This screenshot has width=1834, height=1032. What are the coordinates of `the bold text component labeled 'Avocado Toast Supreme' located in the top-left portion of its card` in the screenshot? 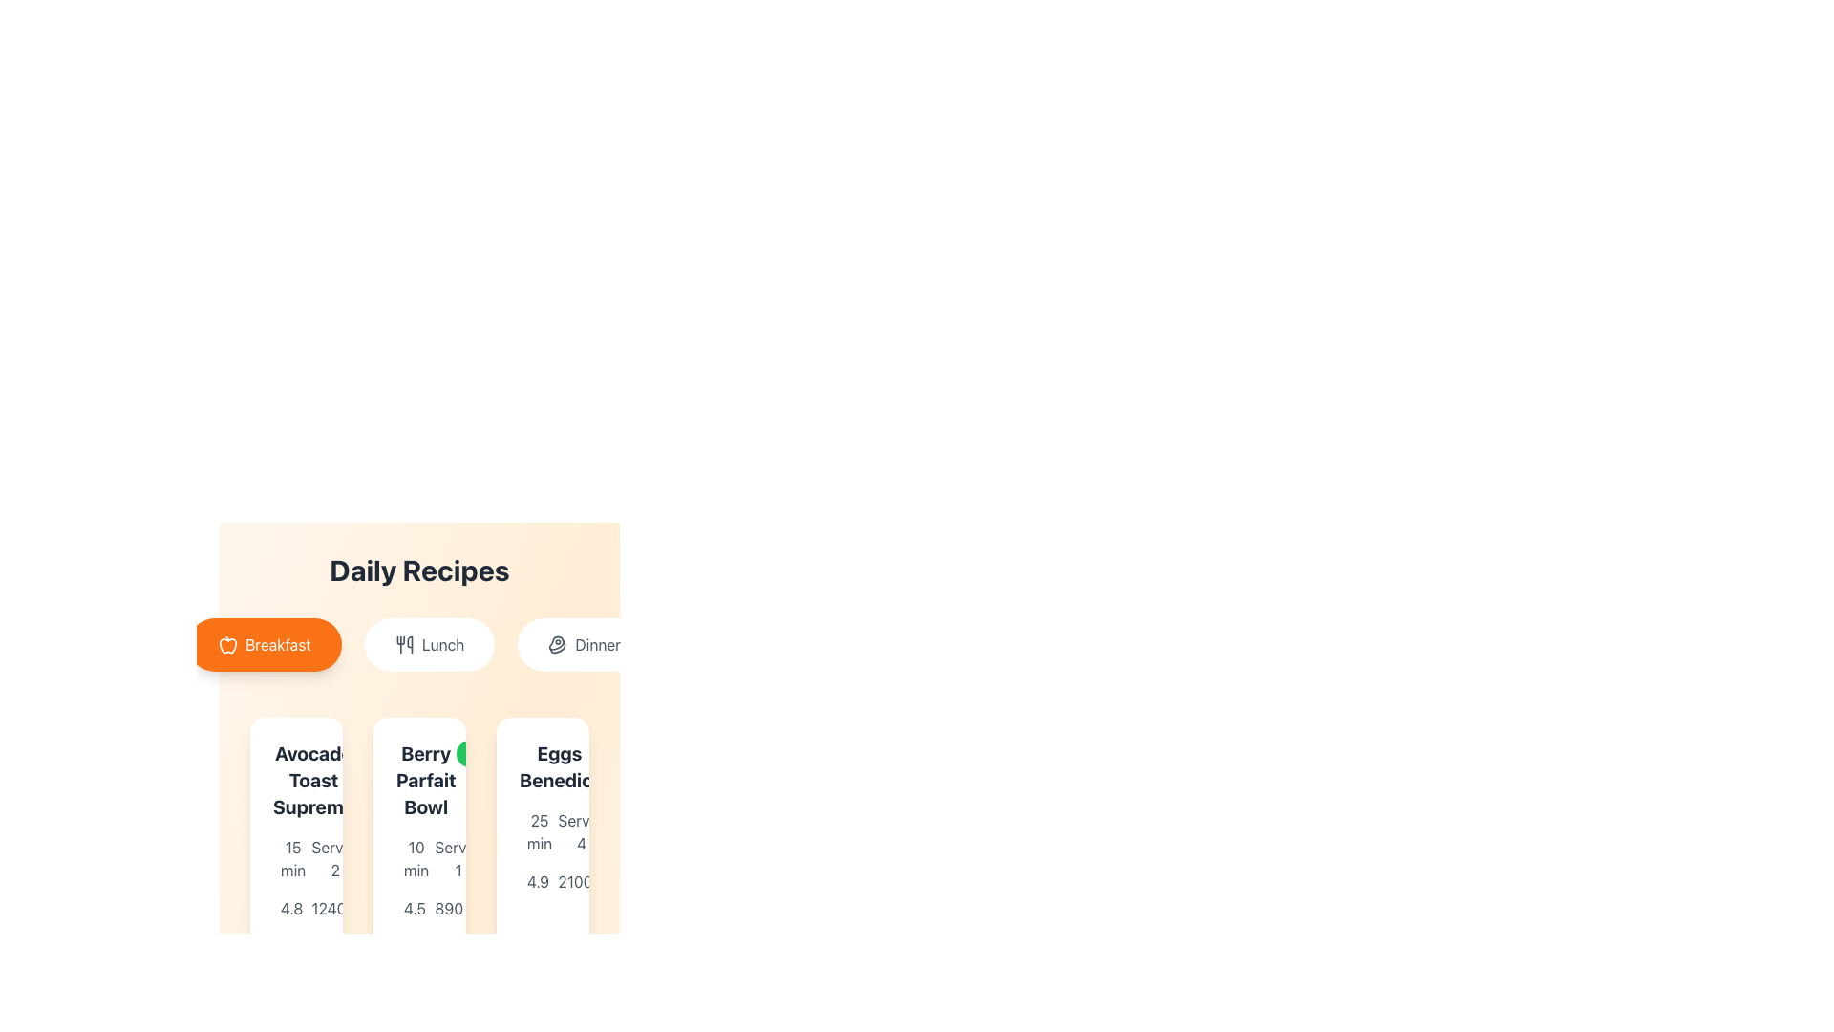 It's located at (313, 781).